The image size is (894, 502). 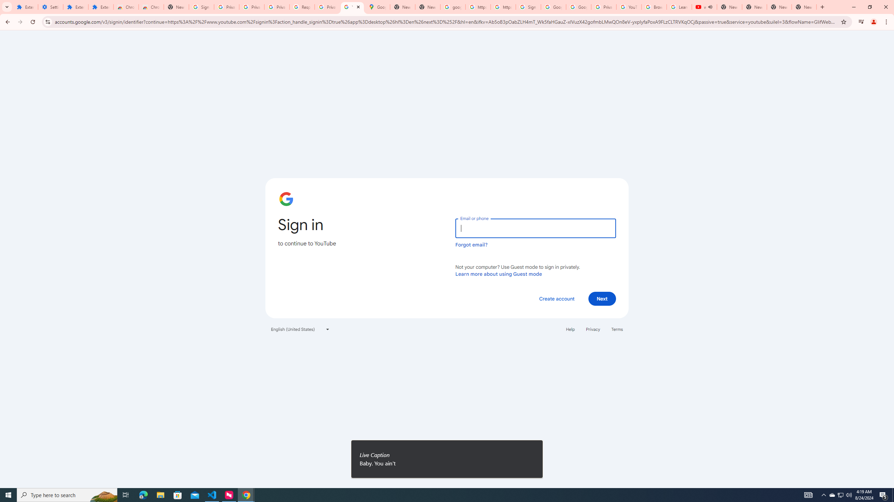 I want to click on 'Create account', so click(x=556, y=298).